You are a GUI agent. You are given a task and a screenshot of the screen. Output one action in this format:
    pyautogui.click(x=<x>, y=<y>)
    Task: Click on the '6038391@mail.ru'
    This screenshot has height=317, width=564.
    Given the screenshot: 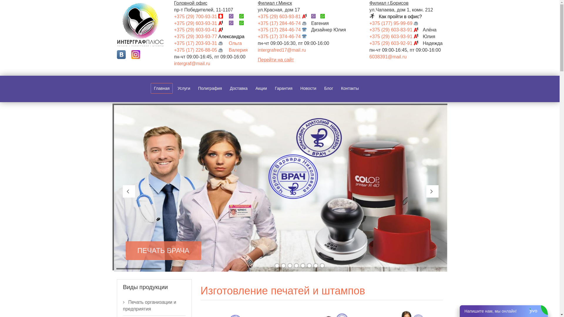 What is the action you would take?
    pyautogui.click(x=388, y=57)
    